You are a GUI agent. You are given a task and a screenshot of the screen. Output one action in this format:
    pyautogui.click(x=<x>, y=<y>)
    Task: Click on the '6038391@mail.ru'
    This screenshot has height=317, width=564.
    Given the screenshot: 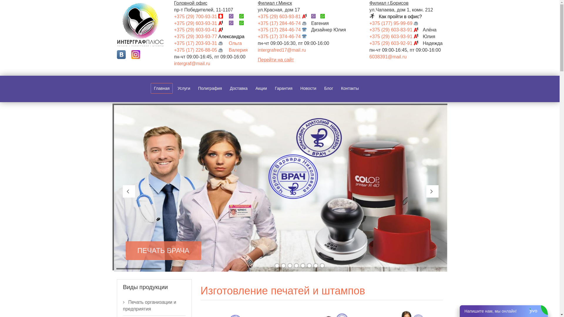 What is the action you would take?
    pyautogui.click(x=388, y=57)
    